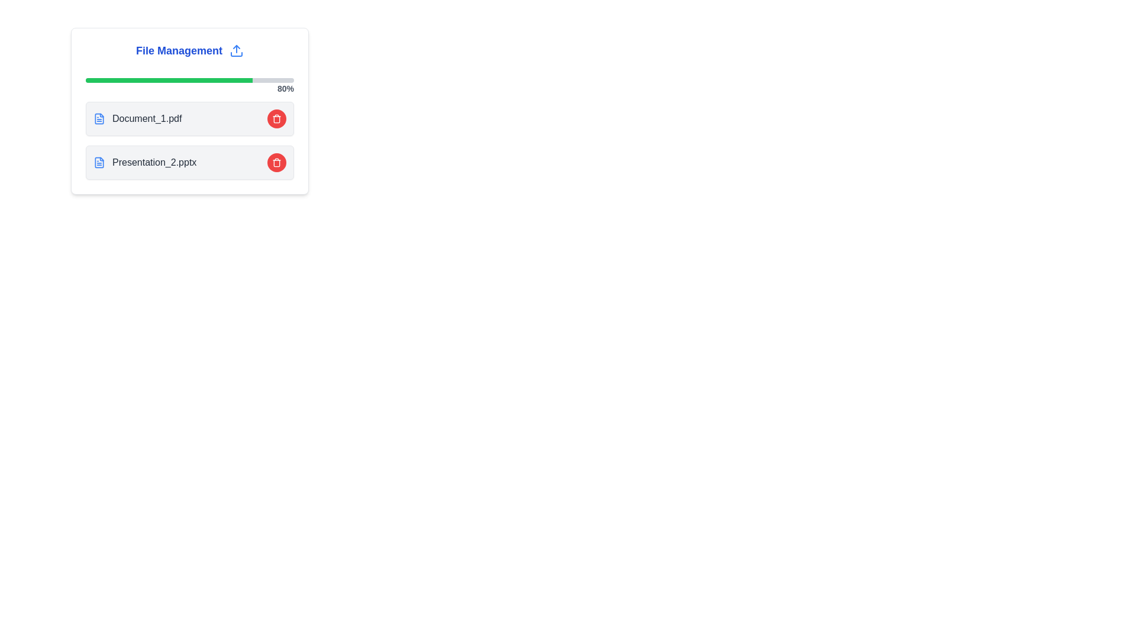  What do you see at coordinates (99, 162) in the screenshot?
I see `the document file icon representing 'Presentation_2.pptx', which is the leftmost icon in its row within a list of files` at bounding box center [99, 162].